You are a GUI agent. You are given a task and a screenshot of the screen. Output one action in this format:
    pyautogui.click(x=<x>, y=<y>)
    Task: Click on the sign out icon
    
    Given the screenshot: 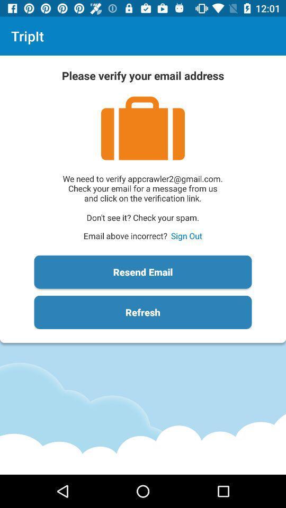 What is the action you would take?
    pyautogui.click(x=186, y=235)
    